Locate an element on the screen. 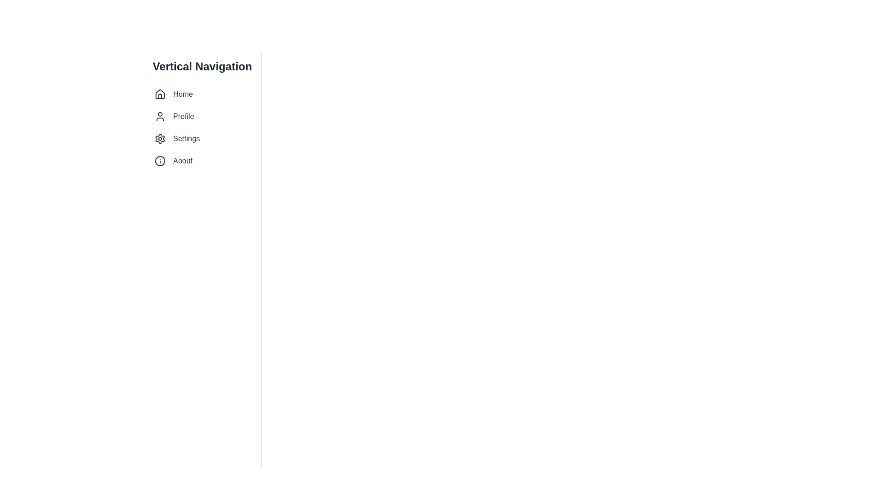 The height and width of the screenshot is (500, 889). the Text Label that serves as a title for the vertical navigation bar, positioned at the top of the sidebar is located at coordinates (201, 66).